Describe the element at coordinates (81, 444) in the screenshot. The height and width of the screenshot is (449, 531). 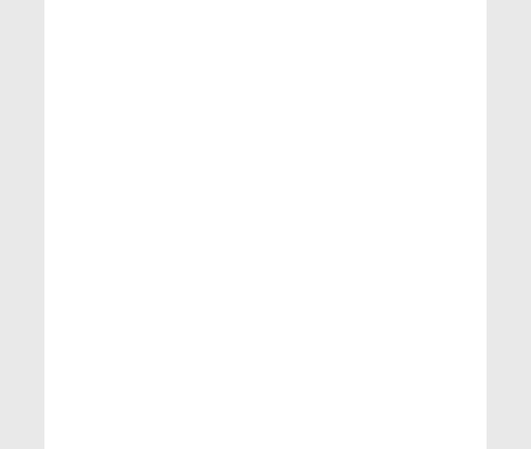
I see `'Currency'` at that location.